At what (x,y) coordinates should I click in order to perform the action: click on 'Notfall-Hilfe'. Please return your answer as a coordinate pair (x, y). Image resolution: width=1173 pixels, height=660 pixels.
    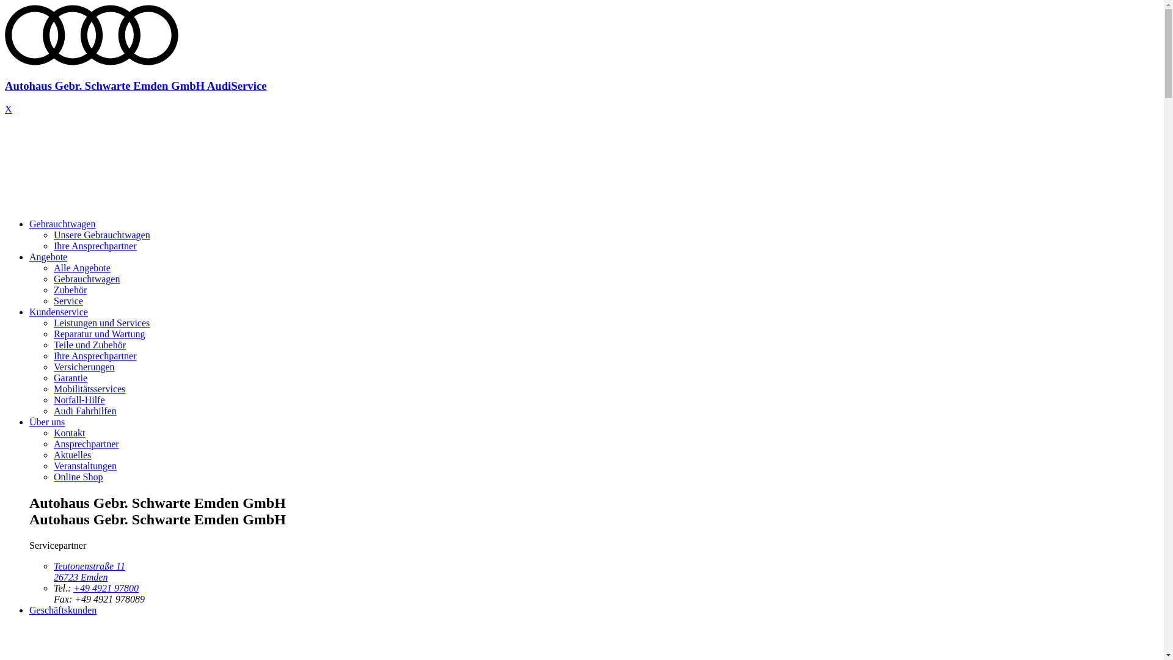
    Looking at the image, I should click on (78, 400).